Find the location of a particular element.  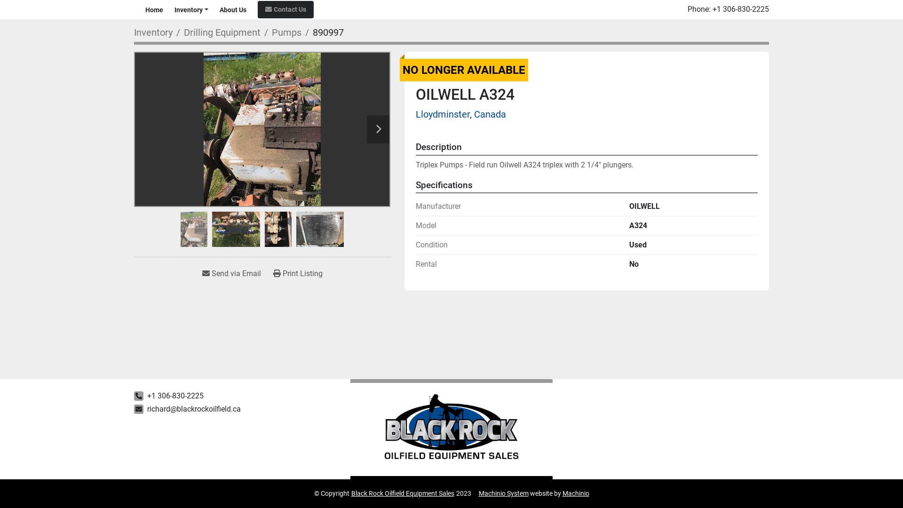

'Pumps' is located at coordinates (286, 32).